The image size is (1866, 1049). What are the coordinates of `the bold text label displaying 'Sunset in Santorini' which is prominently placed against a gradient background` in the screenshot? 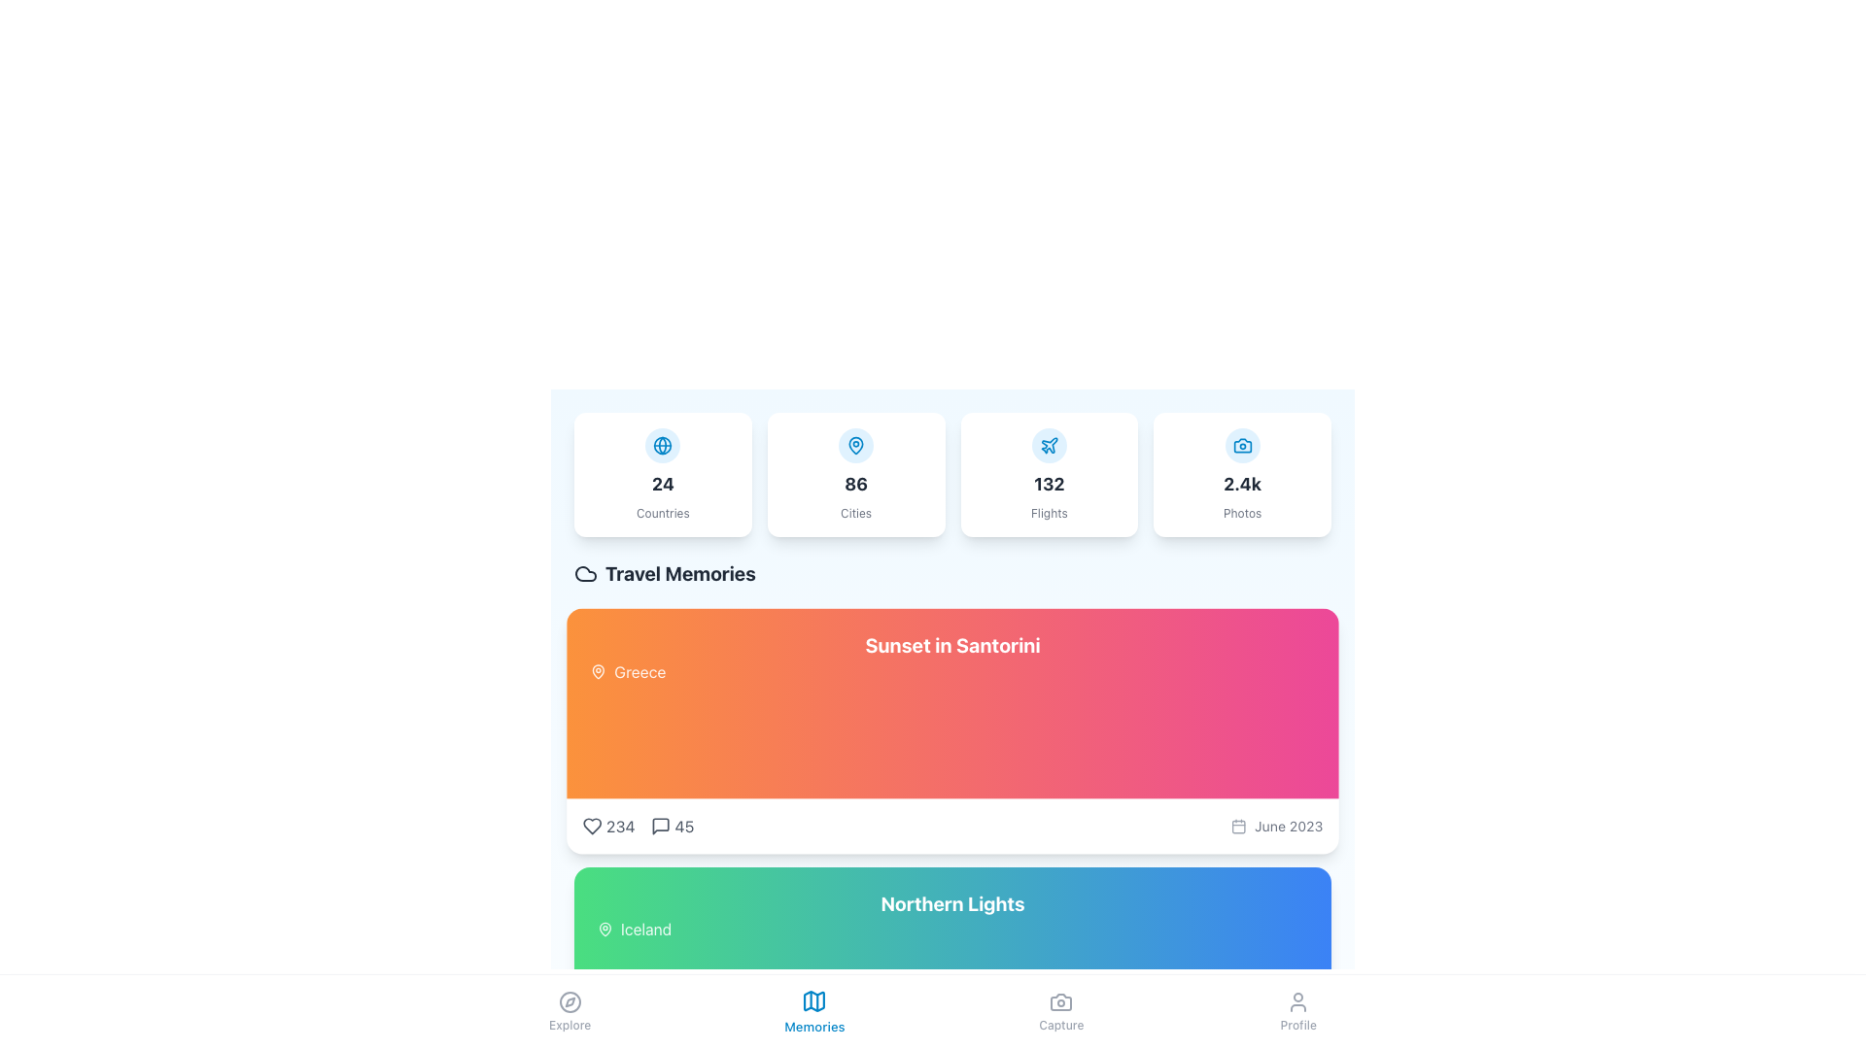 It's located at (952, 646).